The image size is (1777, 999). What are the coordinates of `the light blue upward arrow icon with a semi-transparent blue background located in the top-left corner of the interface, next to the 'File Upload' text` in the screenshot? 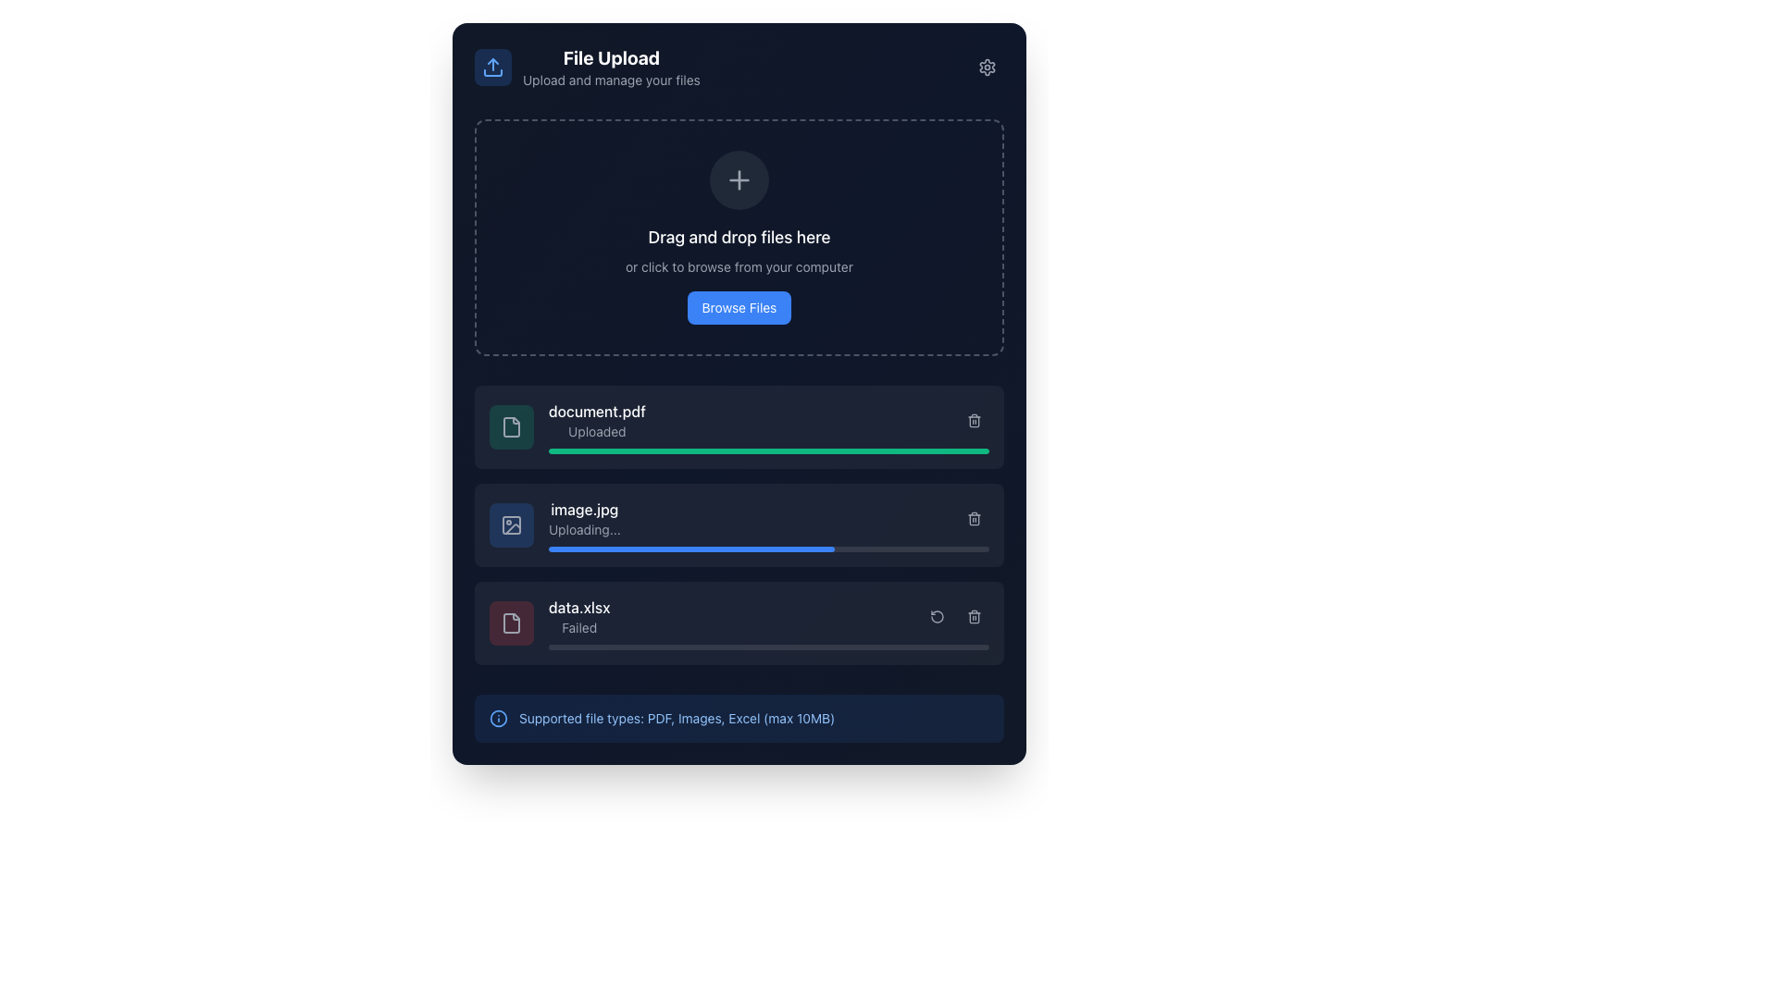 It's located at (492, 67).